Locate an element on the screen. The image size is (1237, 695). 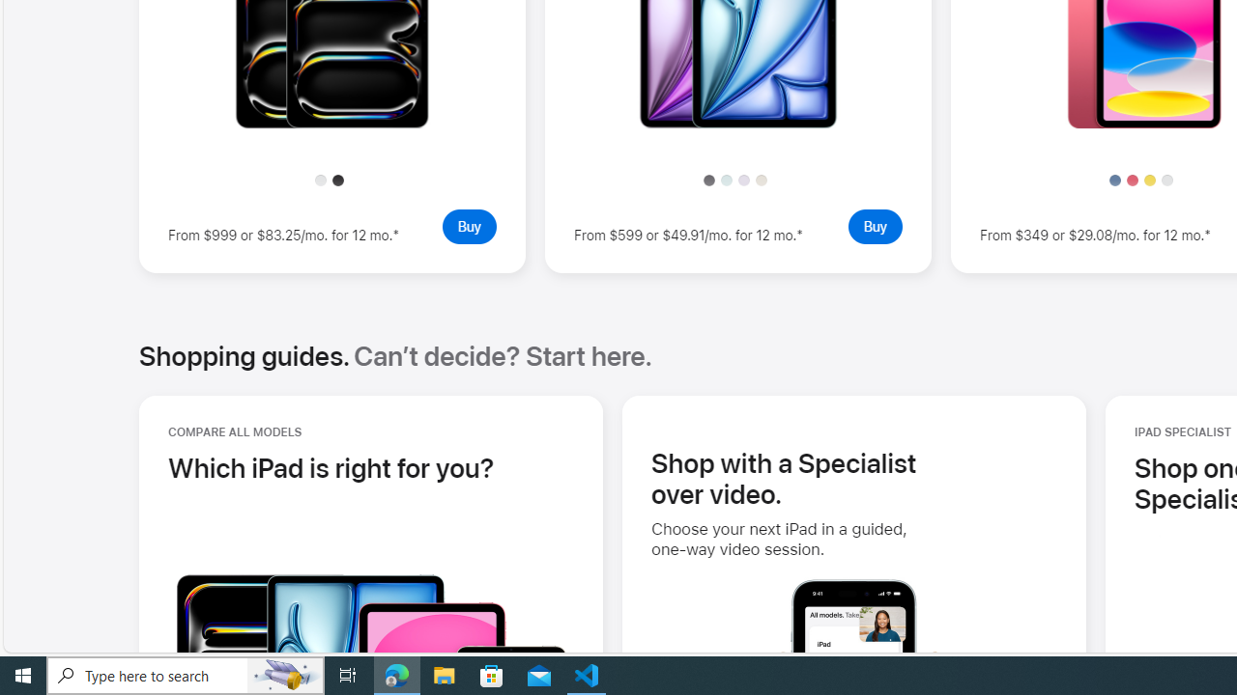
'Blue' is located at coordinates (1114, 180).